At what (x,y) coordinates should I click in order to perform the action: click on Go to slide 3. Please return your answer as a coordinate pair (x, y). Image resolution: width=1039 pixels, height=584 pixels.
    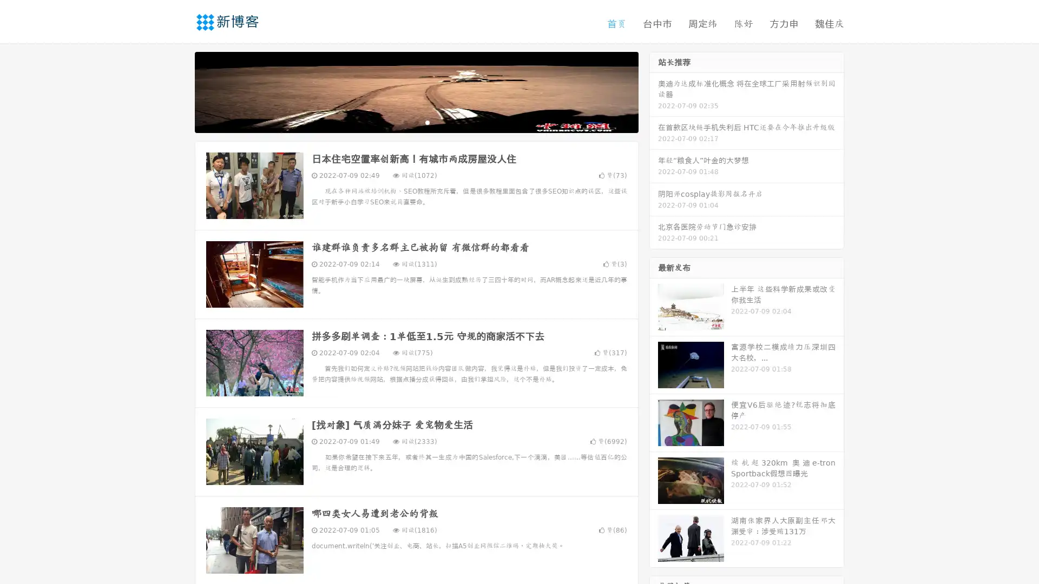
    Looking at the image, I should click on (427, 122).